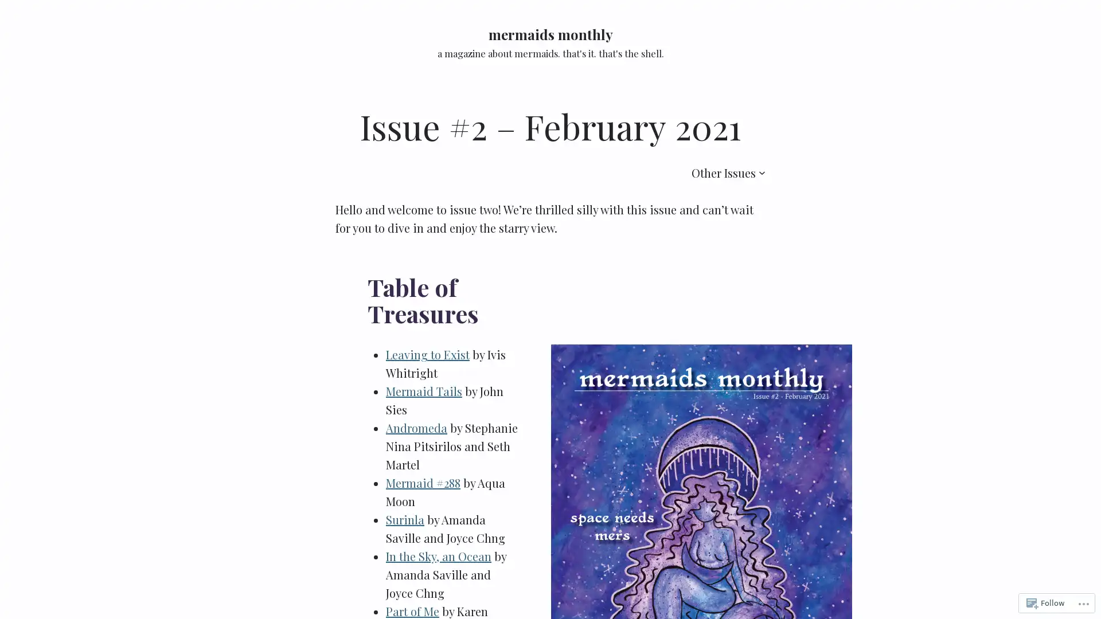  Describe the element at coordinates (762, 172) in the screenshot. I see `Other Issues submenu` at that location.